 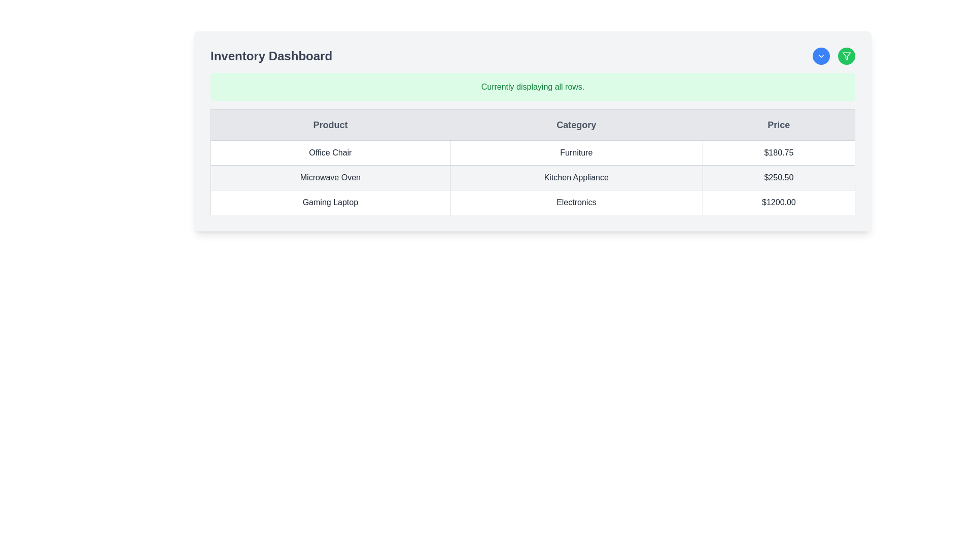 I want to click on the text box displaying the price '$1200.00' in the 'Price' column of the 'Gaming Laptop' row, so click(x=778, y=203).